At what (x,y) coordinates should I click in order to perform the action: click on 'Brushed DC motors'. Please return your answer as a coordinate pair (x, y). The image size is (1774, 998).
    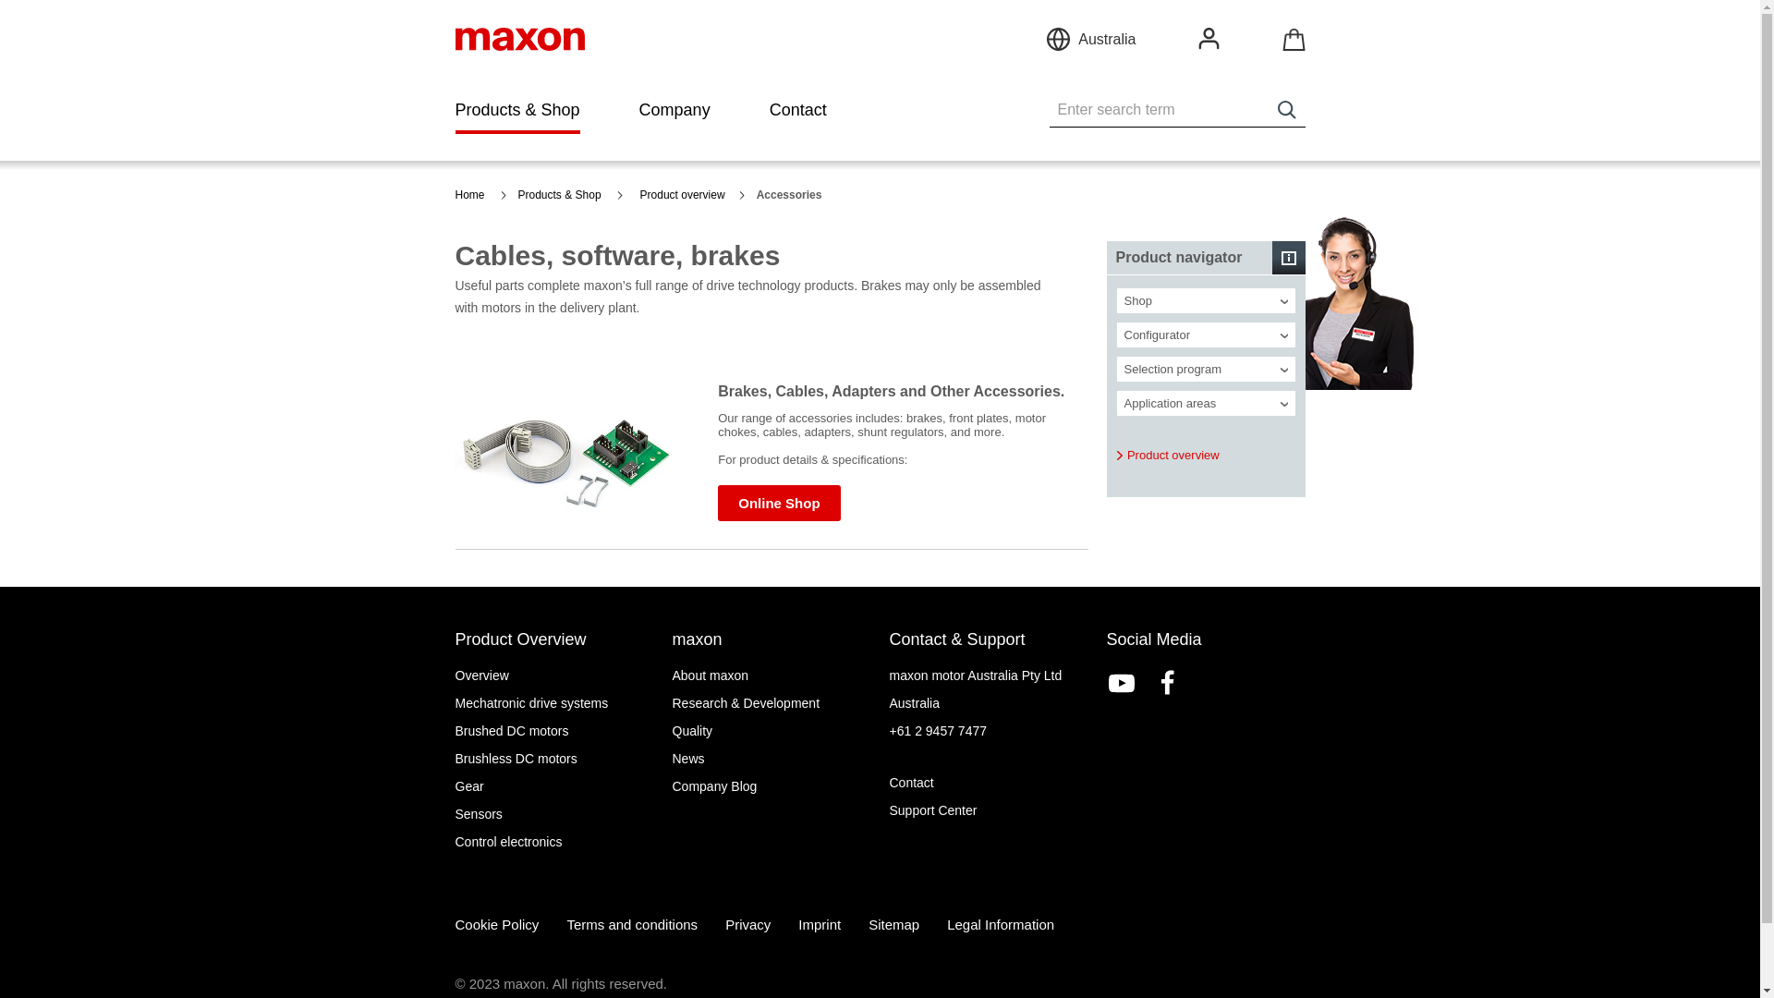
    Looking at the image, I should click on (553, 729).